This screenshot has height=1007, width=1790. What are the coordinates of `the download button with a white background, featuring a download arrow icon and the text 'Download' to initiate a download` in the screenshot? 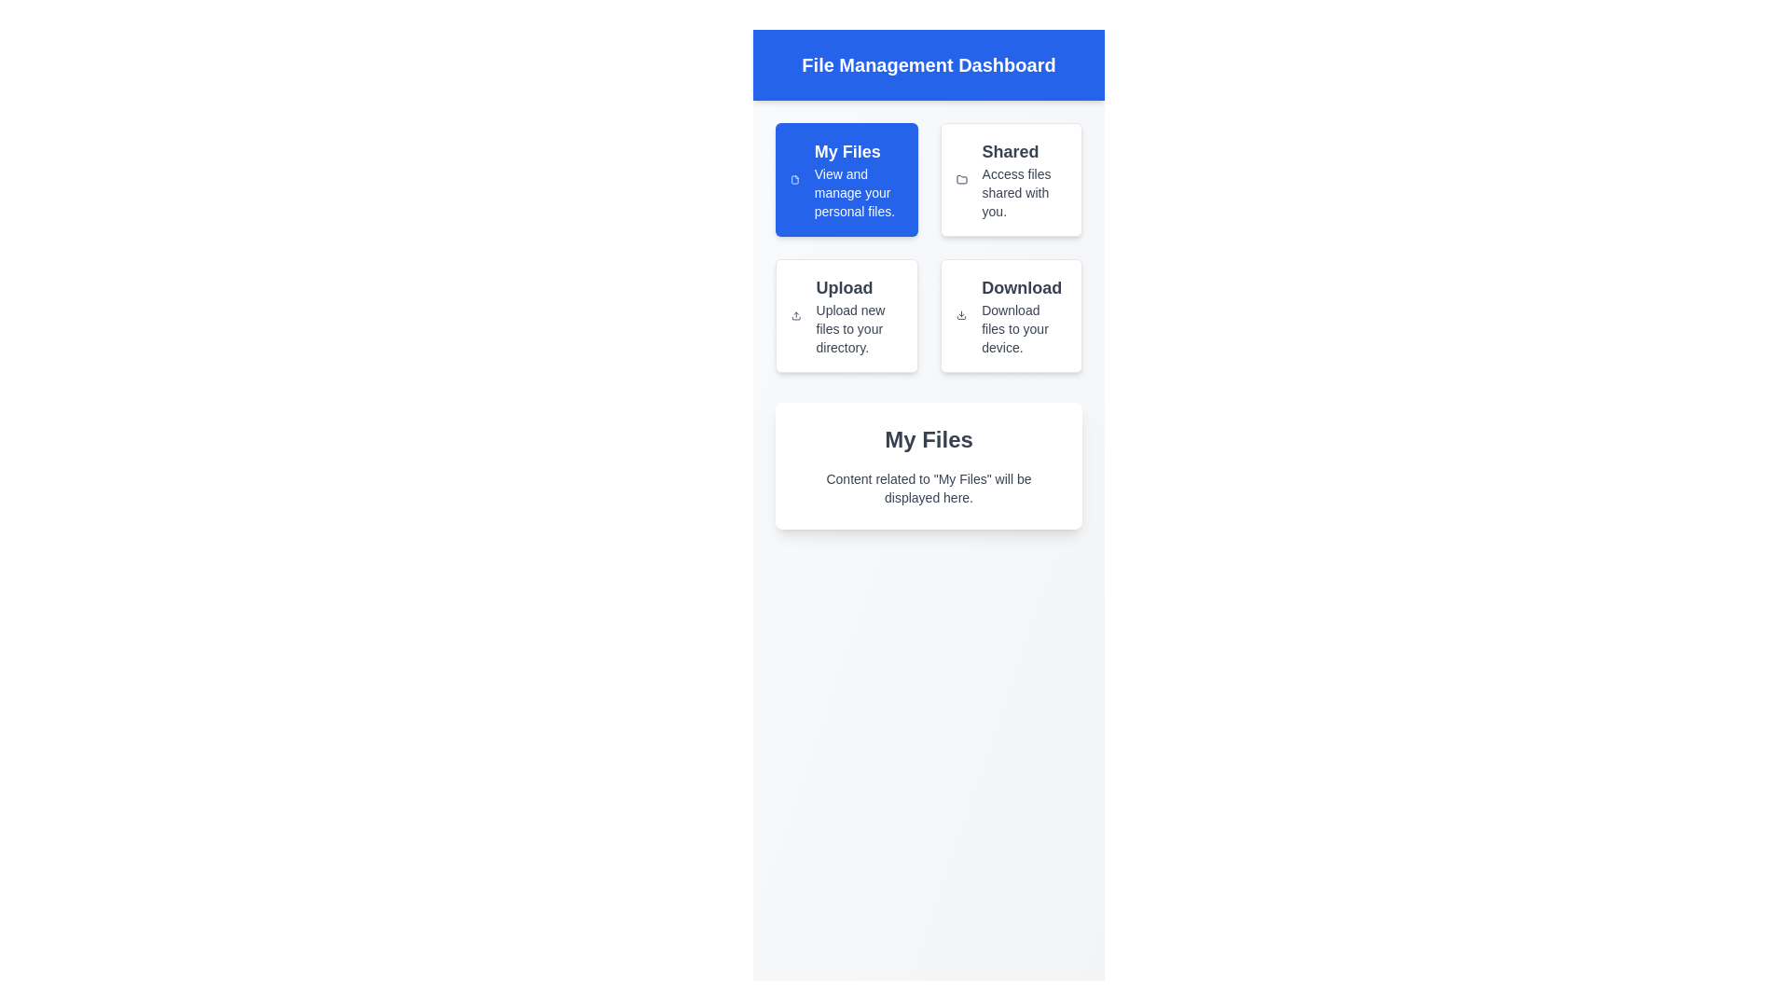 It's located at (1010, 315).